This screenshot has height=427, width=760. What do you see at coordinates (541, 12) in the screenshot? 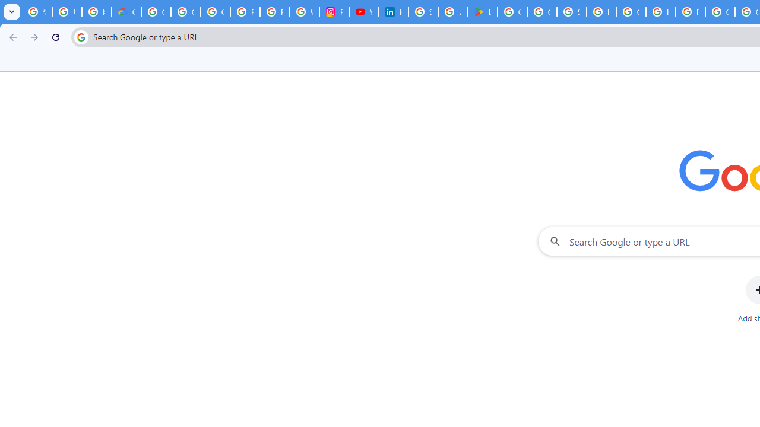
I see `'Google Workspace - Specific Terms'` at bounding box center [541, 12].